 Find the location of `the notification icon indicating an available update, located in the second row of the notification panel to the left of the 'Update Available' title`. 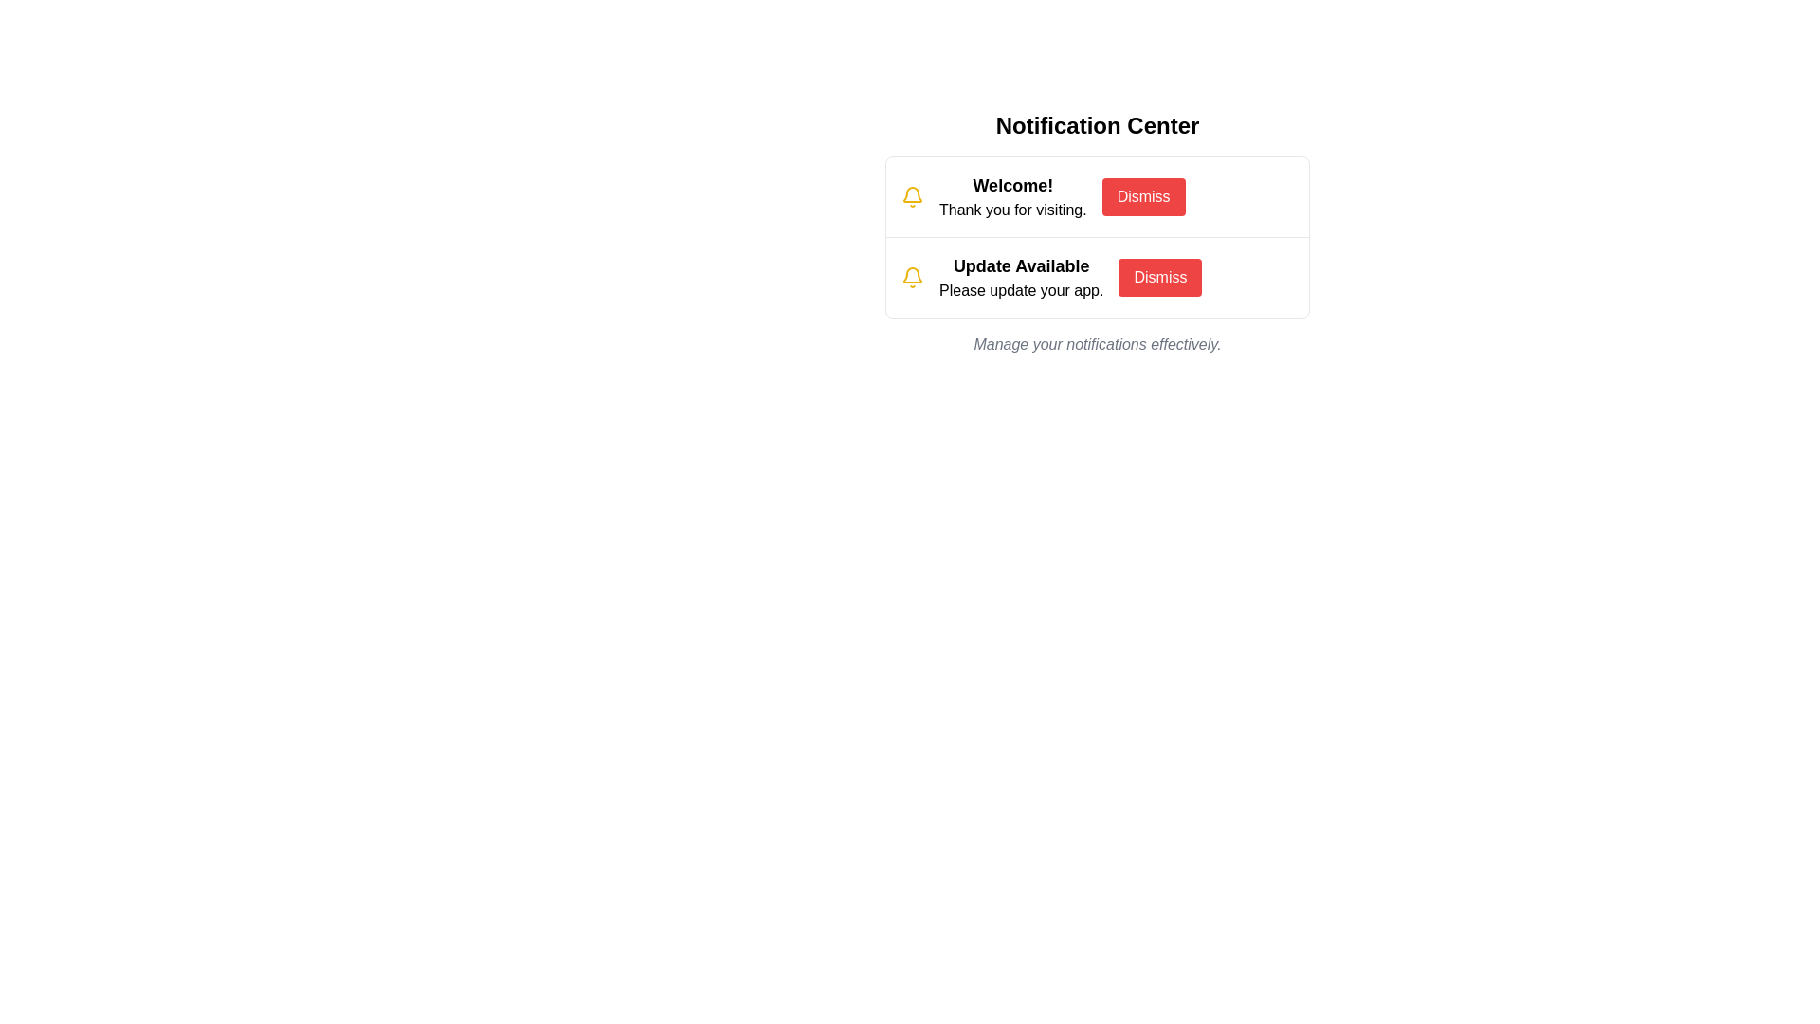

the notification icon indicating an available update, located in the second row of the notification panel to the left of the 'Update Available' title is located at coordinates (913, 278).